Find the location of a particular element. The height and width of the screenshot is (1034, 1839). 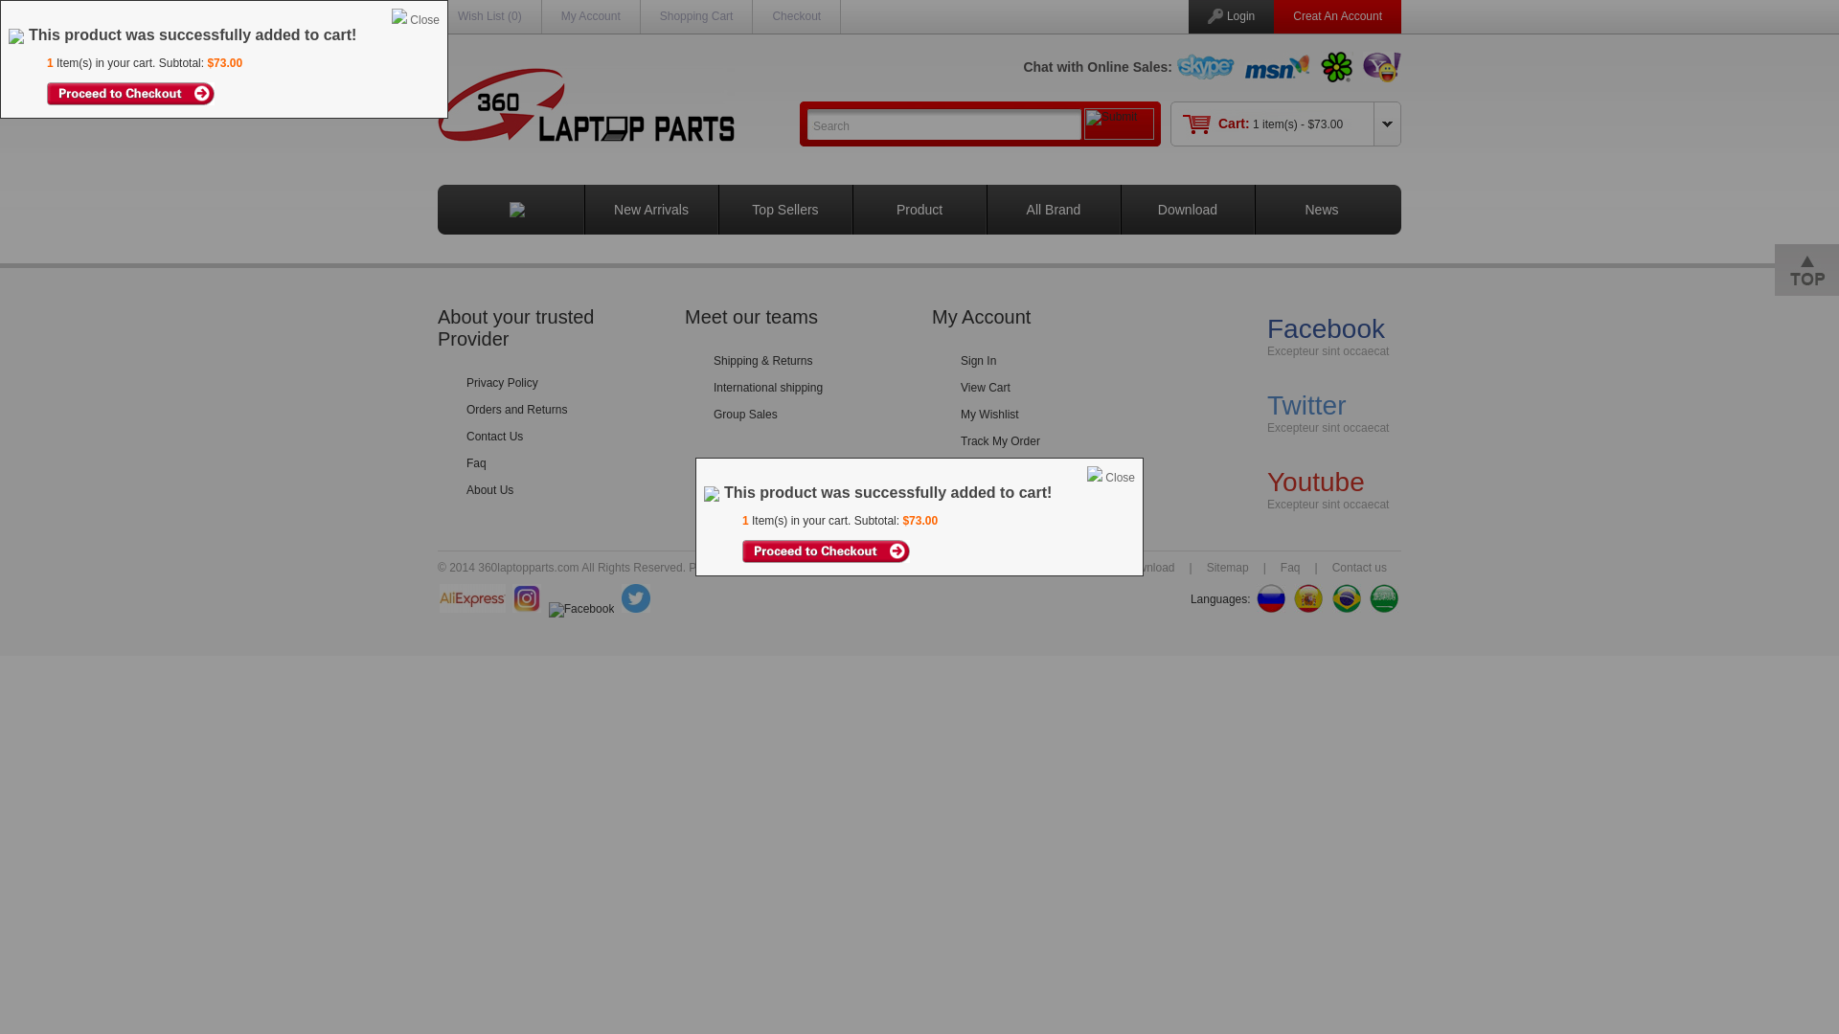

'New Arrivals' is located at coordinates (651, 210).